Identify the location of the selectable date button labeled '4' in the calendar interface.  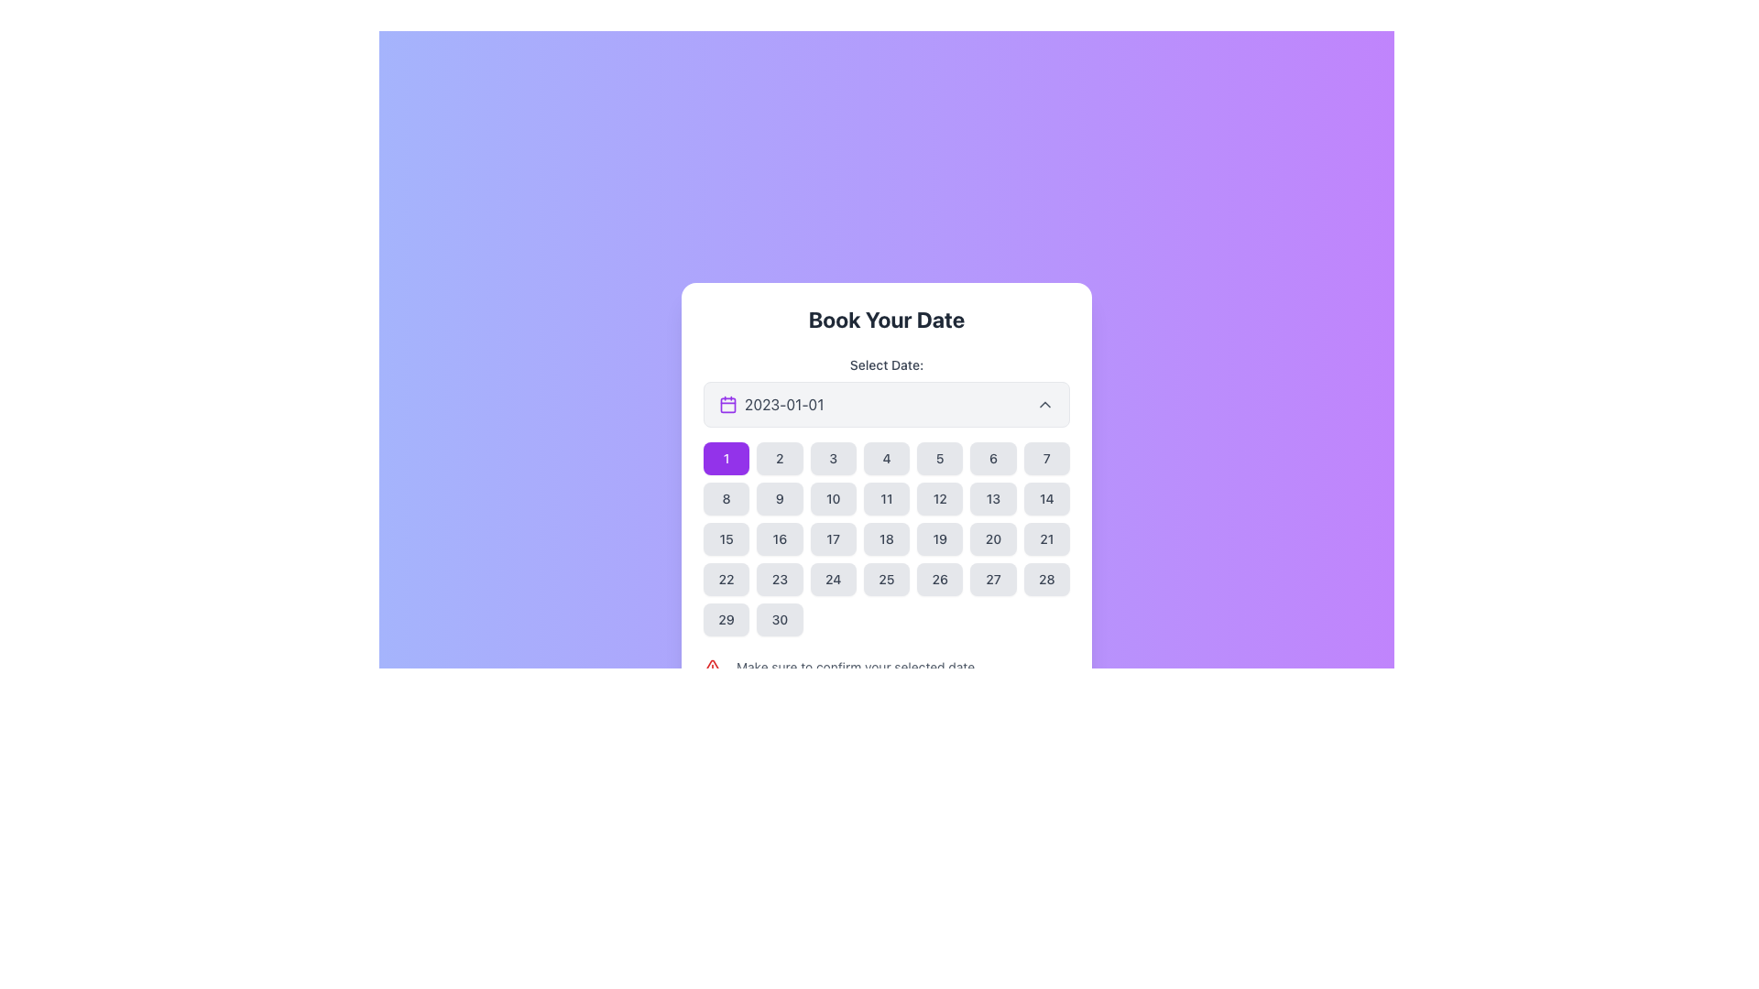
(887, 458).